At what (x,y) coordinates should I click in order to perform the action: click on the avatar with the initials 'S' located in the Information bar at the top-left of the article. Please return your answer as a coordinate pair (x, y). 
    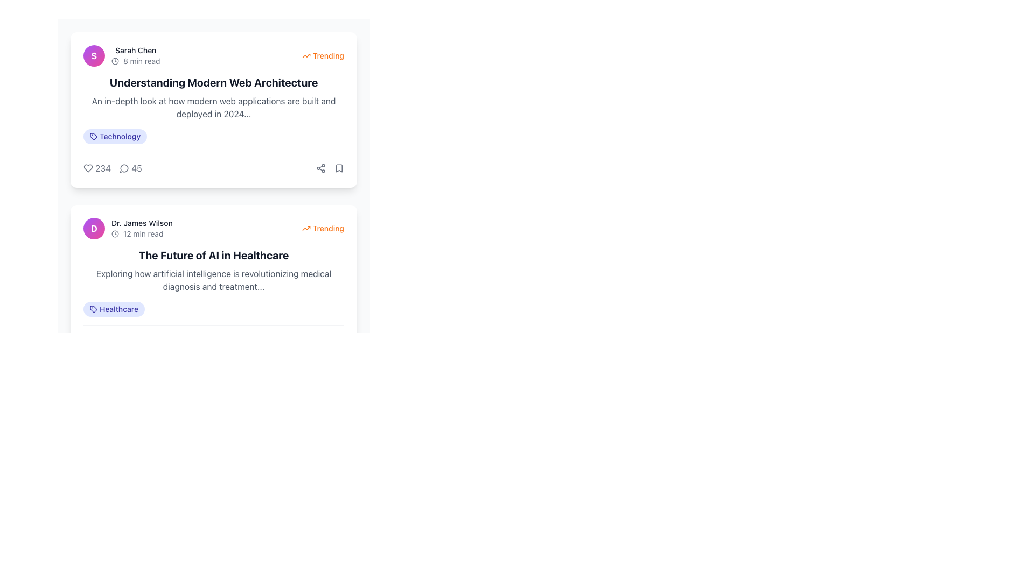
    Looking at the image, I should click on (214, 56).